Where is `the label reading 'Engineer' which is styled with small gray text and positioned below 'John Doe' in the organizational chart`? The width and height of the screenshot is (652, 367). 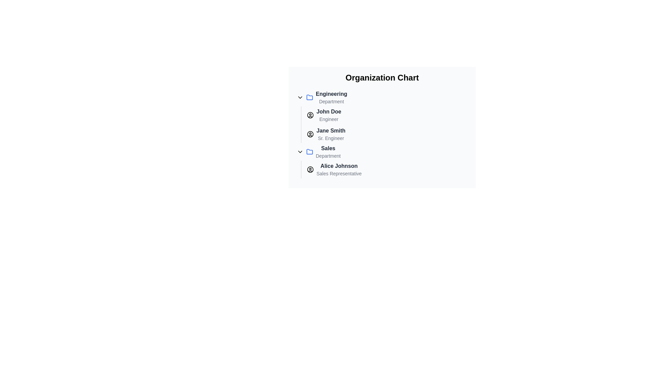 the label reading 'Engineer' which is styled with small gray text and positioned below 'John Doe' in the organizational chart is located at coordinates (329, 119).